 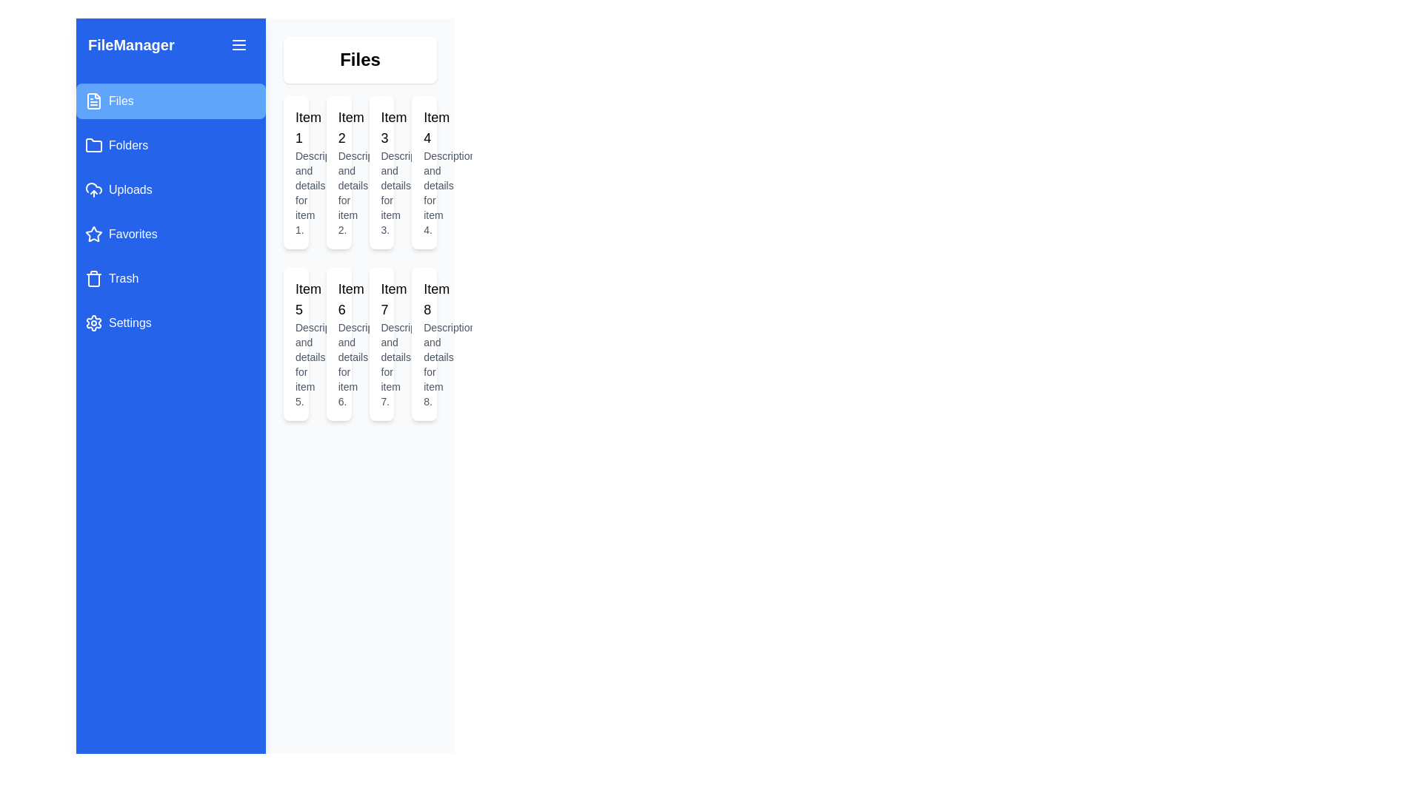 What do you see at coordinates (93, 145) in the screenshot?
I see `the navigation button for folders located in the second position of the left vertical navigation panel` at bounding box center [93, 145].